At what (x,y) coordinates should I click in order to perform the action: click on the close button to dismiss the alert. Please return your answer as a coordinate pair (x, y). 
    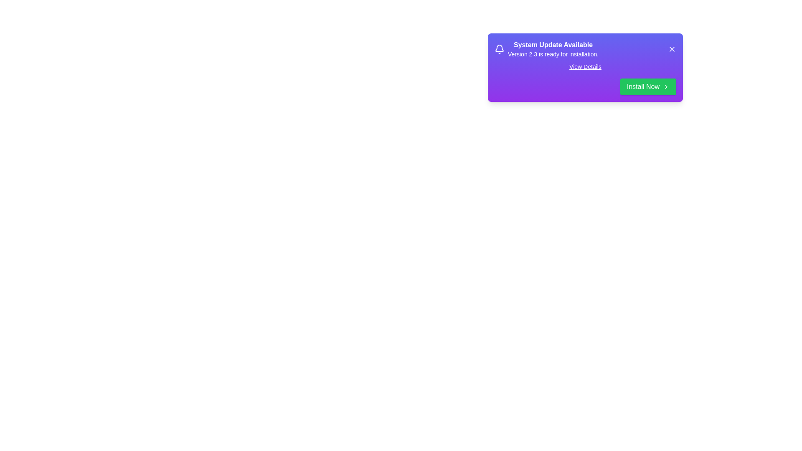
    Looking at the image, I should click on (672, 49).